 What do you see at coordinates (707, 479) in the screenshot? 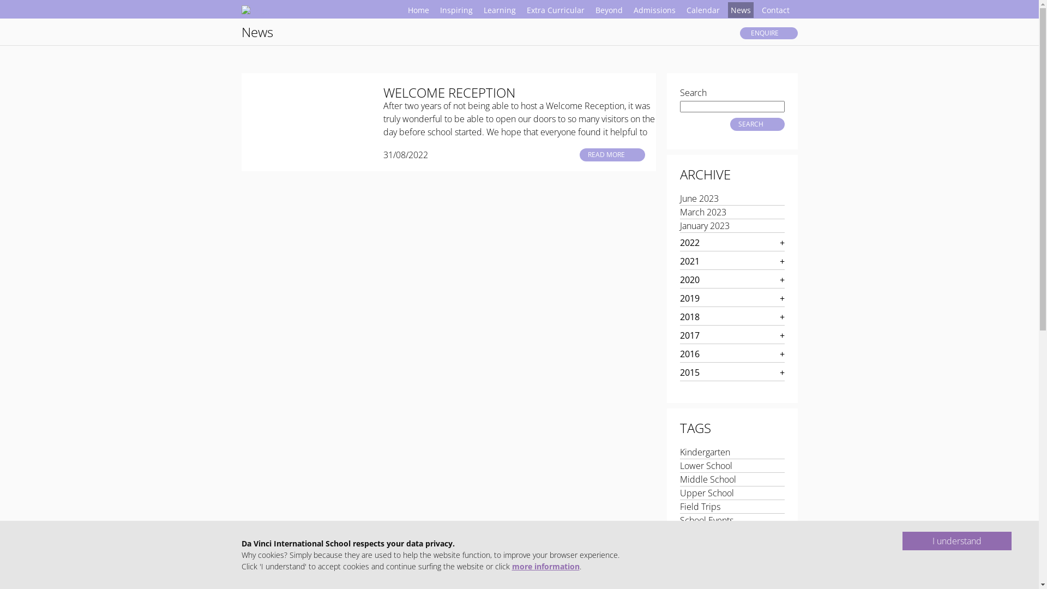
I see `'Middle School'` at bounding box center [707, 479].